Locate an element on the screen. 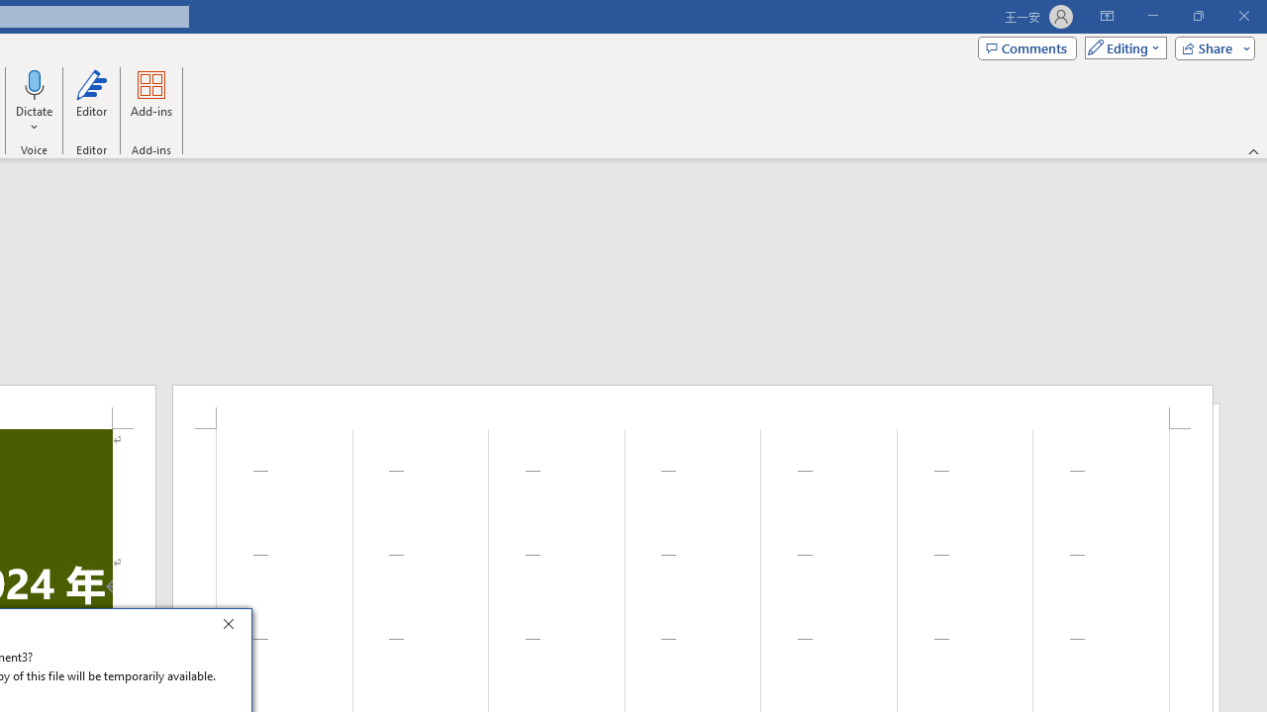  'Mode' is located at coordinates (1121, 46).